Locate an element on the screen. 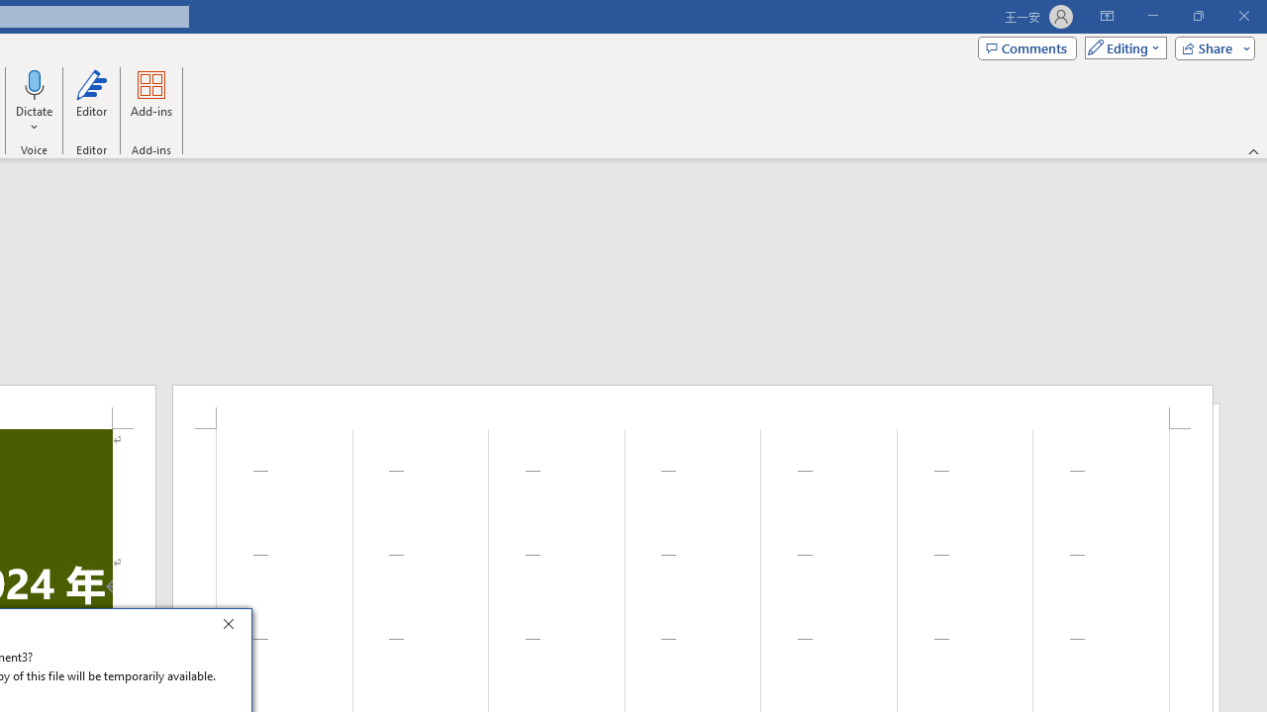  'Mode' is located at coordinates (1121, 46).